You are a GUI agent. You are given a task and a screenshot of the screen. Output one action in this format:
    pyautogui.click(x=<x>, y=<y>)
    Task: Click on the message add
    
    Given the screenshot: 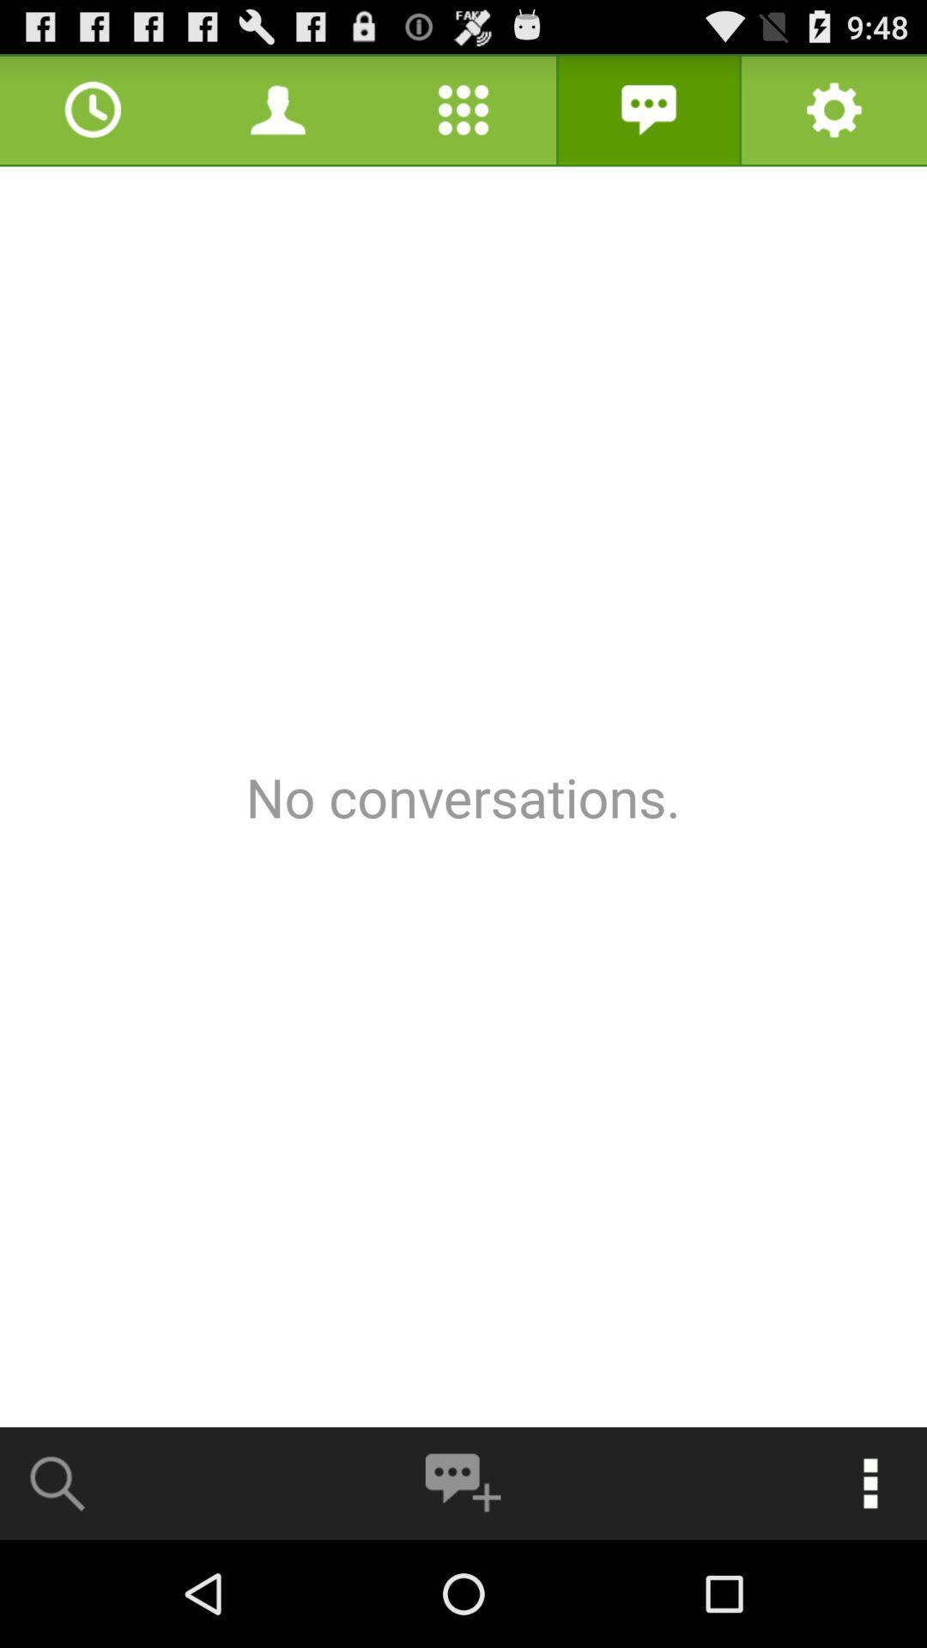 What is the action you would take?
    pyautogui.click(x=462, y=1482)
    